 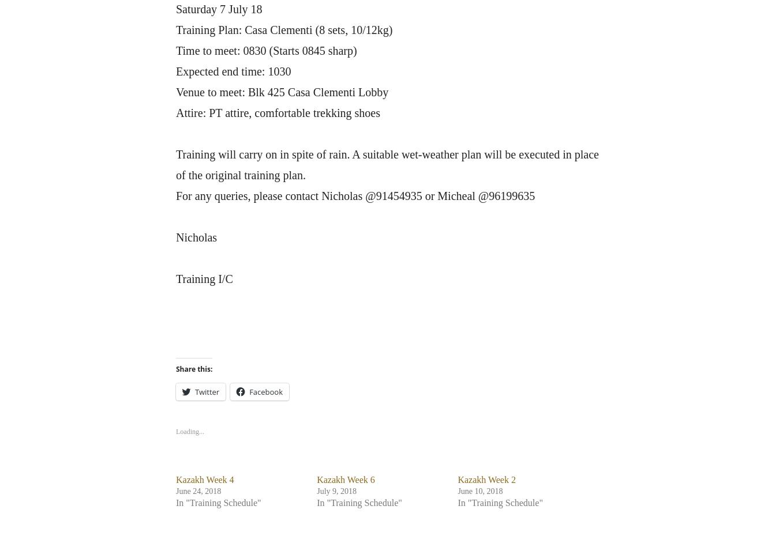 I want to click on 'Expected end time: 1030', so click(x=175, y=71).